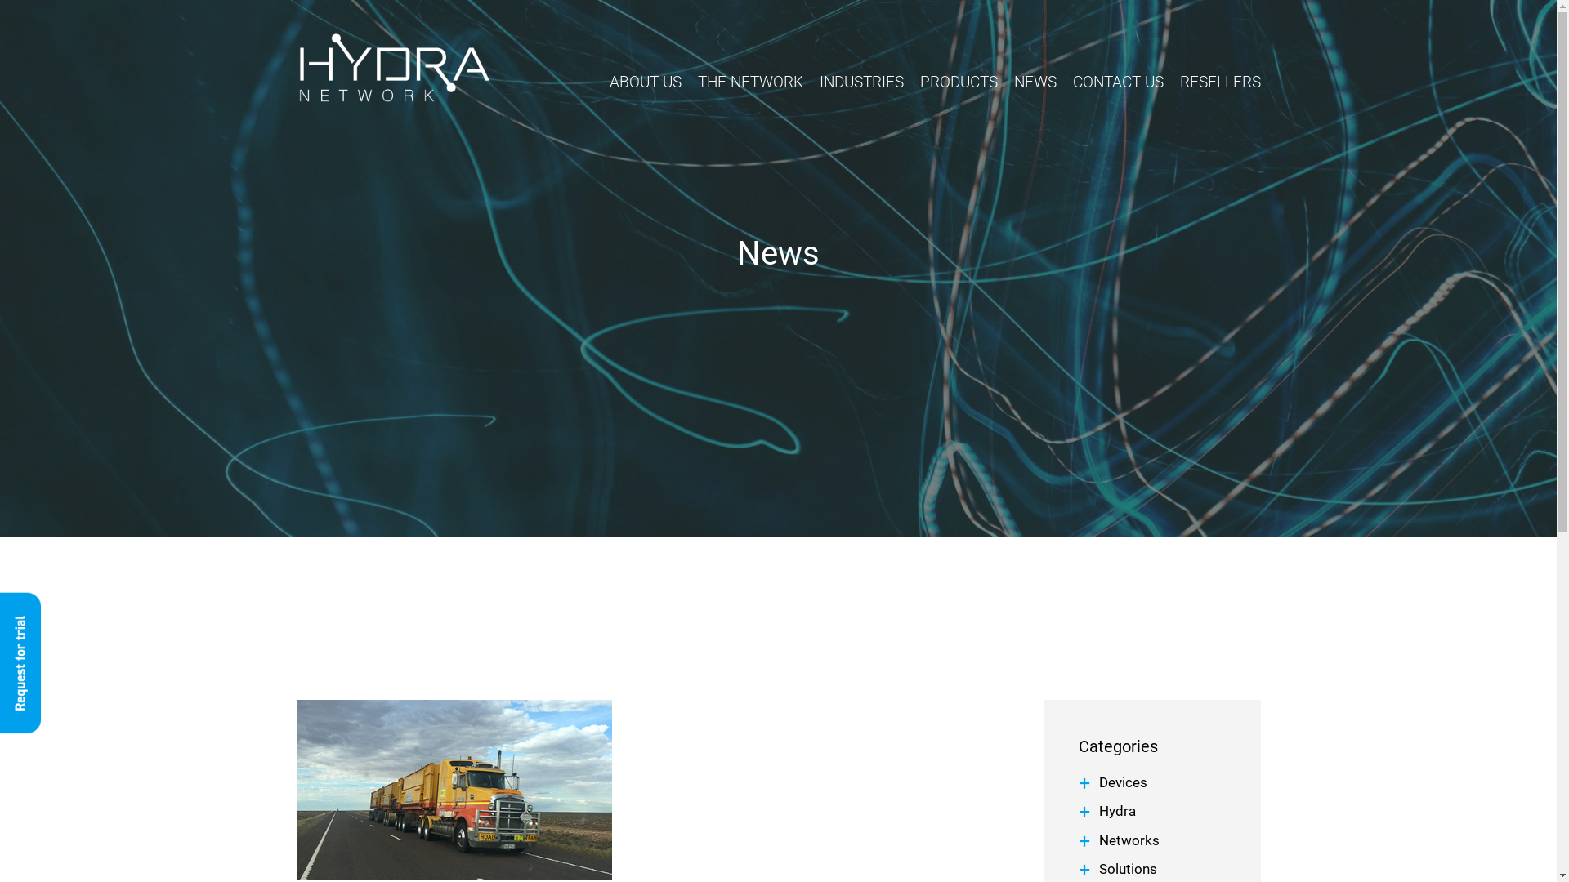  What do you see at coordinates (645, 85) in the screenshot?
I see `'ABOUT US'` at bounding box center [645, 85].